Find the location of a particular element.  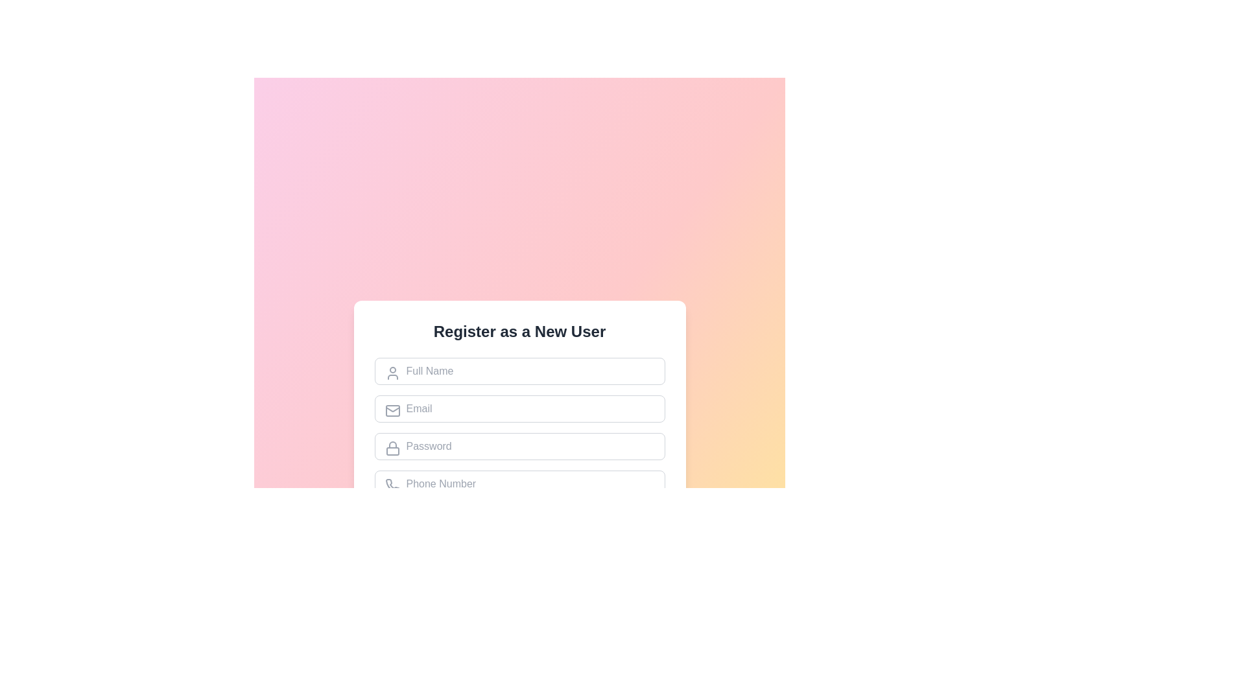

the lock icon located inside the 'Password' input field on the left side, which signifies security or password-related functionality is located at coordinates (392, 447).